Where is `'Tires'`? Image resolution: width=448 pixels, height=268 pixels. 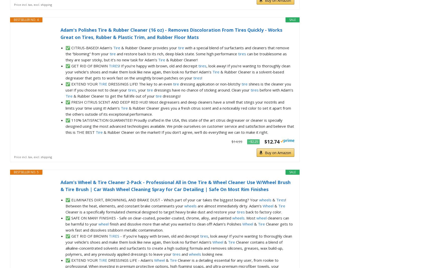
'Tires' is located at coordinates (276, 200).